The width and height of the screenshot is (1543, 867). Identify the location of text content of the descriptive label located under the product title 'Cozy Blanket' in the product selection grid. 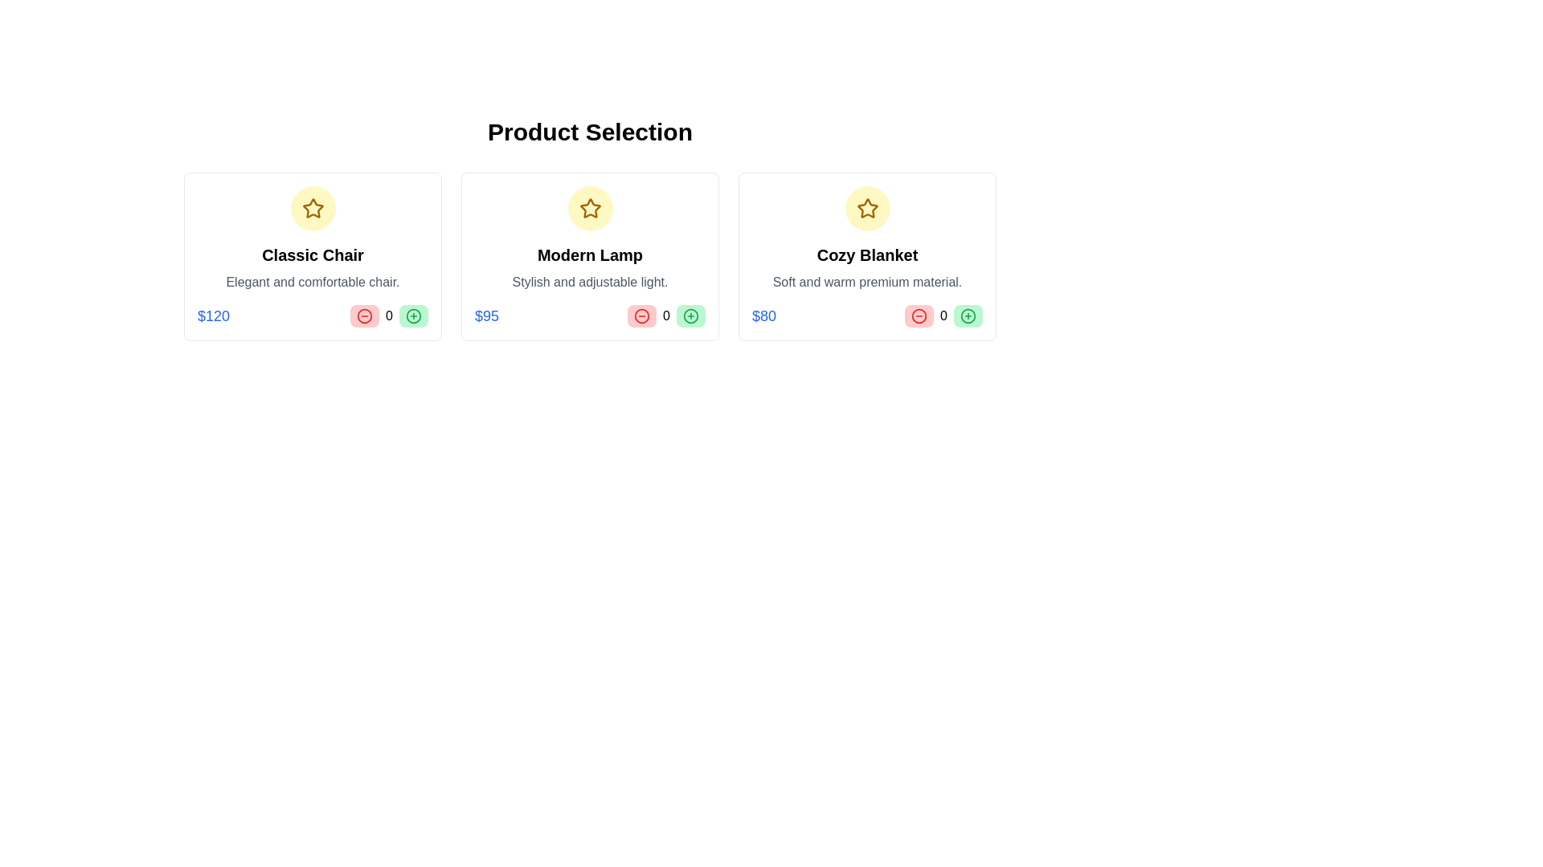
(866, 281).